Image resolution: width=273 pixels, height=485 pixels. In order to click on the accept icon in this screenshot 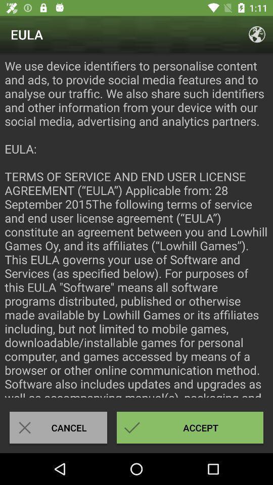, I will do `click(190, 427)`.